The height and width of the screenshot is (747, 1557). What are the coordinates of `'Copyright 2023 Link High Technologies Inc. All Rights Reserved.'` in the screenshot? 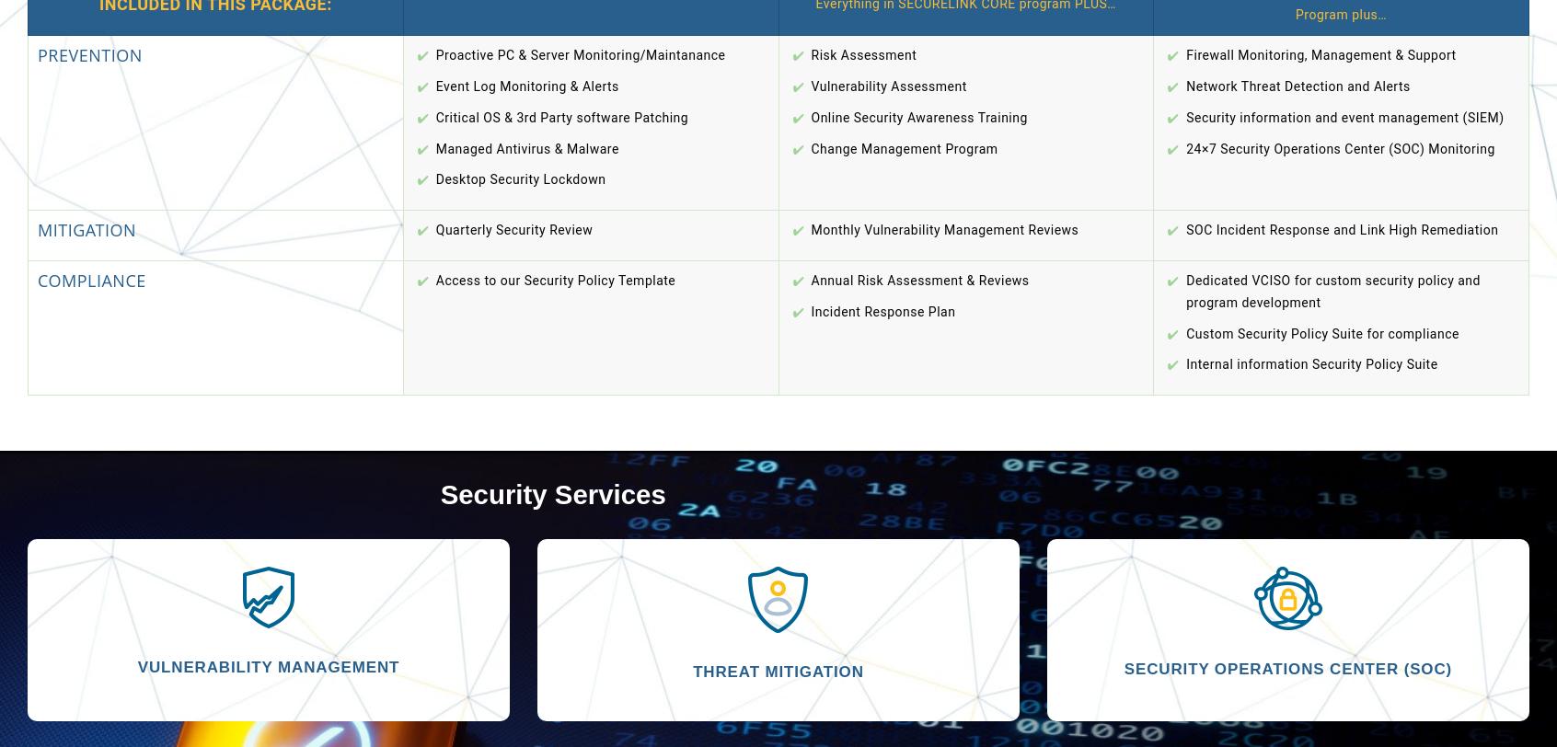 It's located at (778, 335).